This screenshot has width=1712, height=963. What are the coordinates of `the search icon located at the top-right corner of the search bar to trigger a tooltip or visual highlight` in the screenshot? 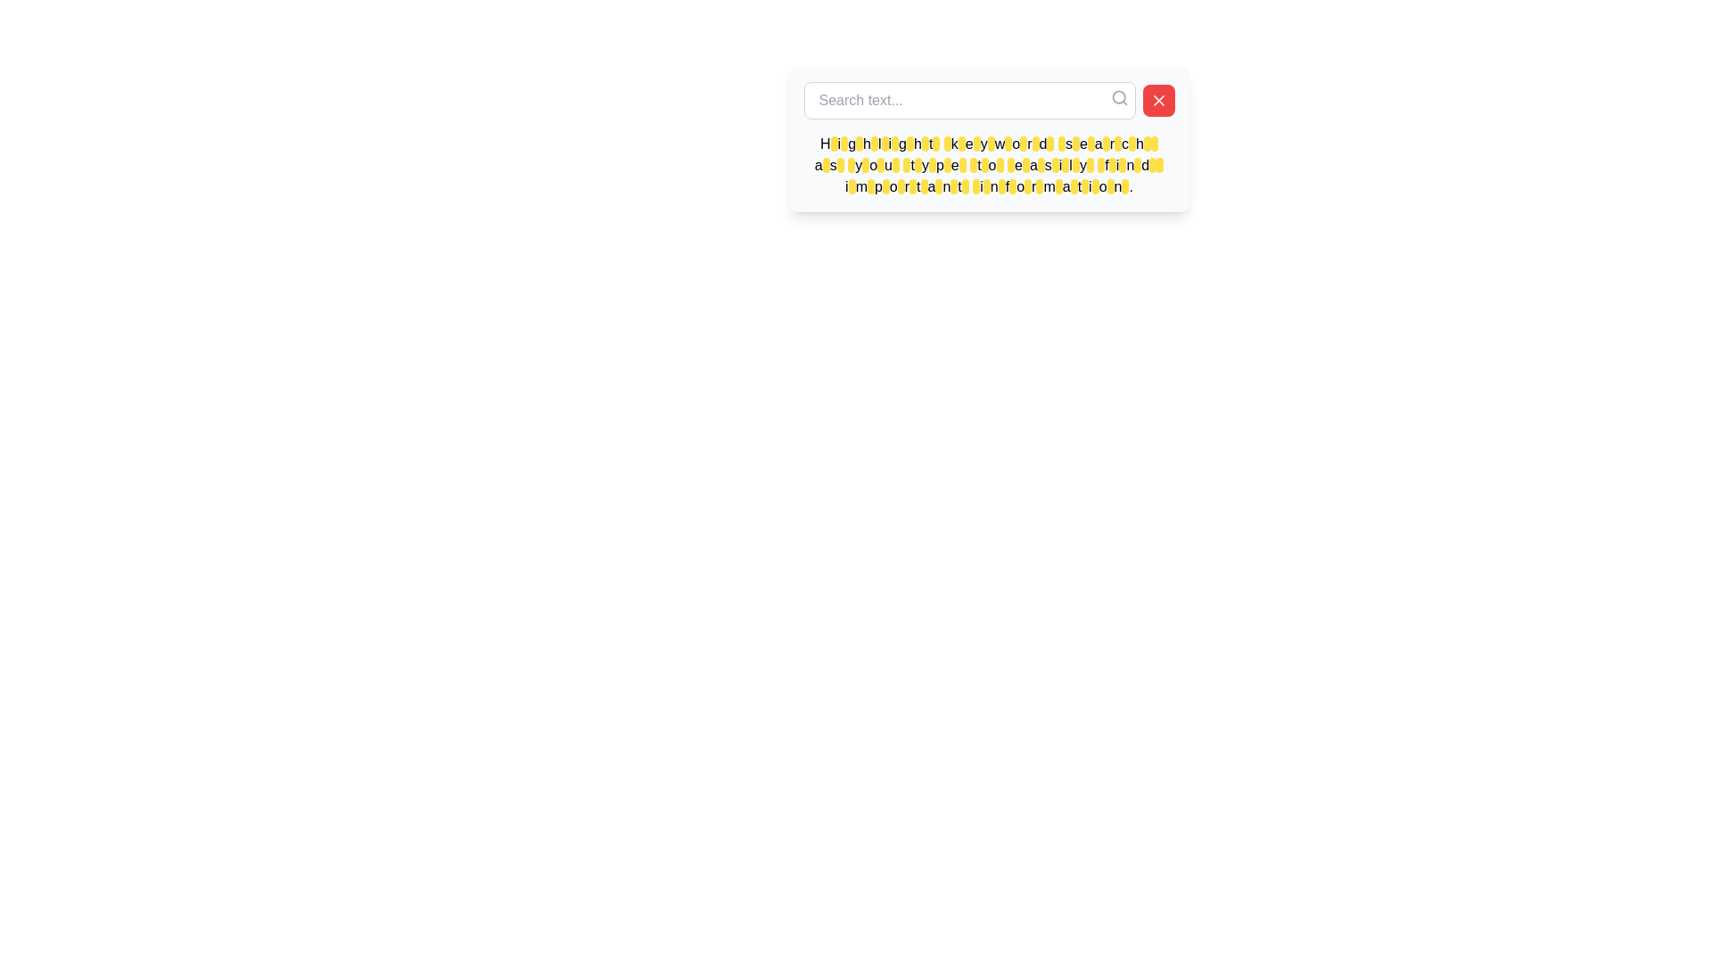 It's located at (1118, 98).